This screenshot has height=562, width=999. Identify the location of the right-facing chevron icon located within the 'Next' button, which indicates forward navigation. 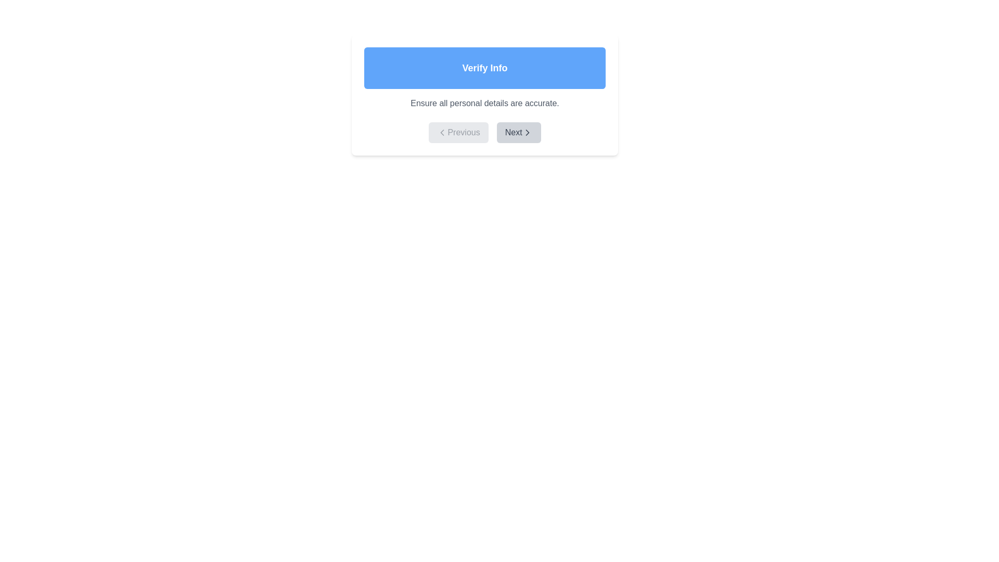
(527, 132).